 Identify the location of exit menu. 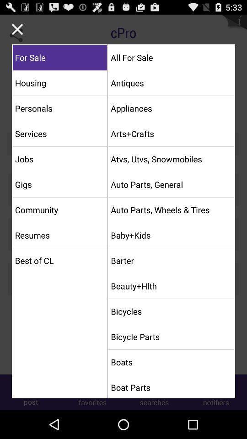
(17, 29).